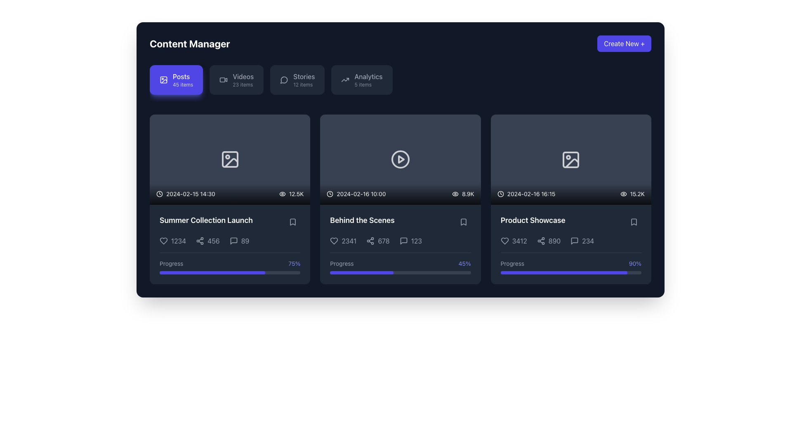  What do you see at coordinates (570, 159) in the screenshot?
I see `the Media Preview Card located in the third column of the grid layout, below the 'Product Showcase' heading` at bounding box center [570, 159].